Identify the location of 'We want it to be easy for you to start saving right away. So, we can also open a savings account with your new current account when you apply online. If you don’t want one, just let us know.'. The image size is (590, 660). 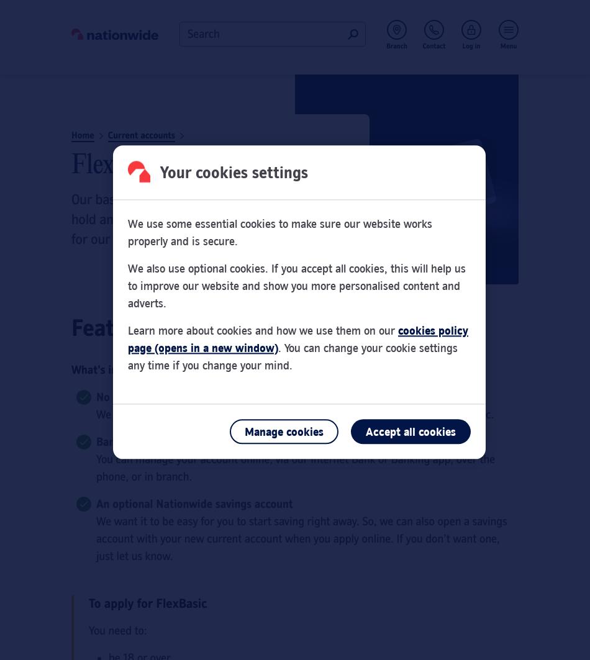
(301, 538).